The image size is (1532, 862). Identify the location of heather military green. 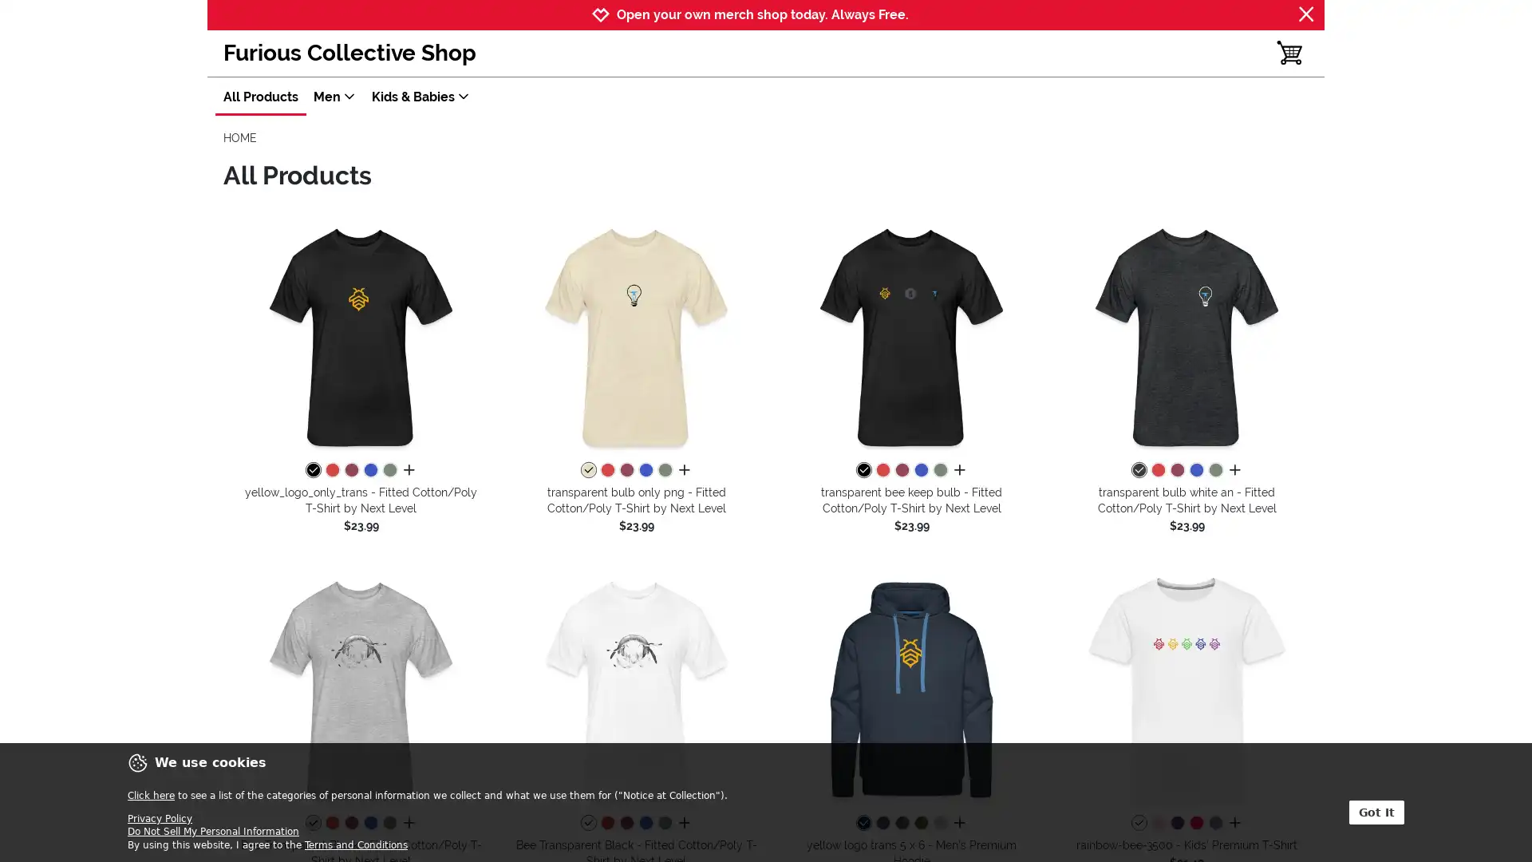
(389, 470).